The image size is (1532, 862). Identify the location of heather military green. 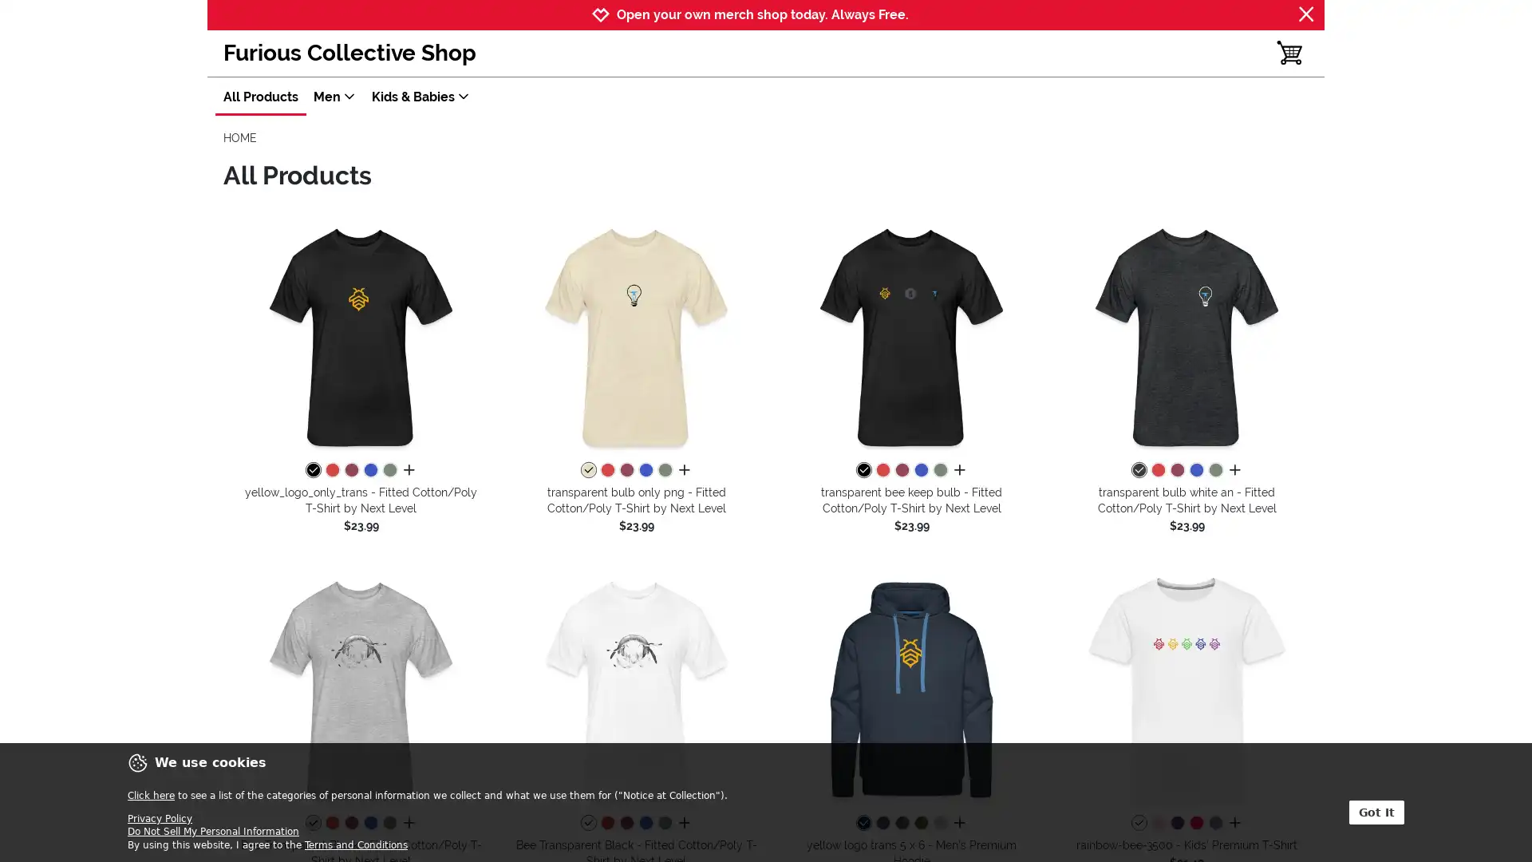
(389, 470).